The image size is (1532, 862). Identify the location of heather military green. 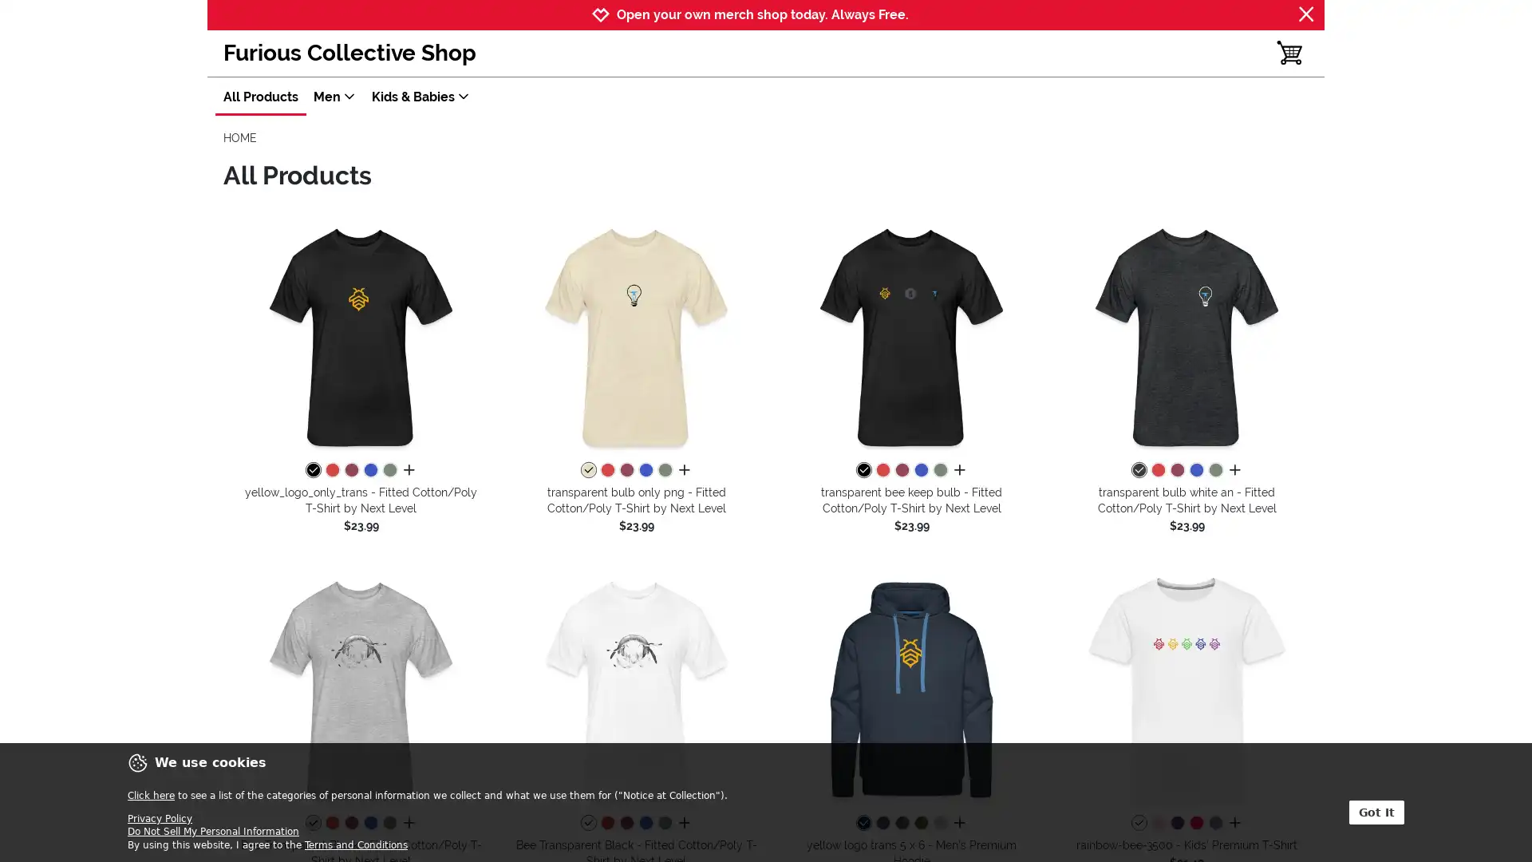
(389, 470).